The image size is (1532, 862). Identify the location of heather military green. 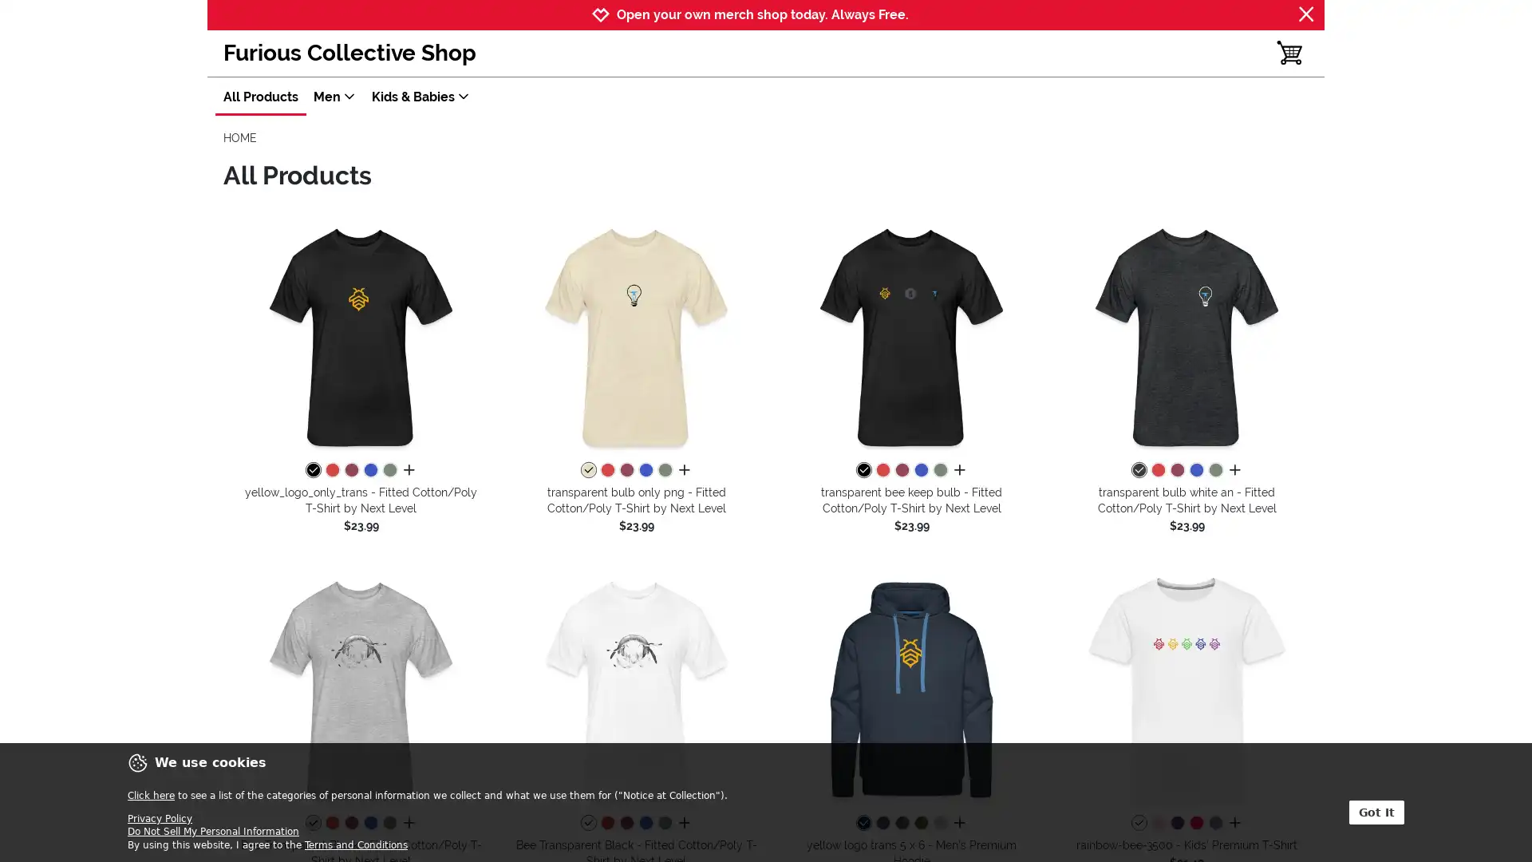
(389, 470).